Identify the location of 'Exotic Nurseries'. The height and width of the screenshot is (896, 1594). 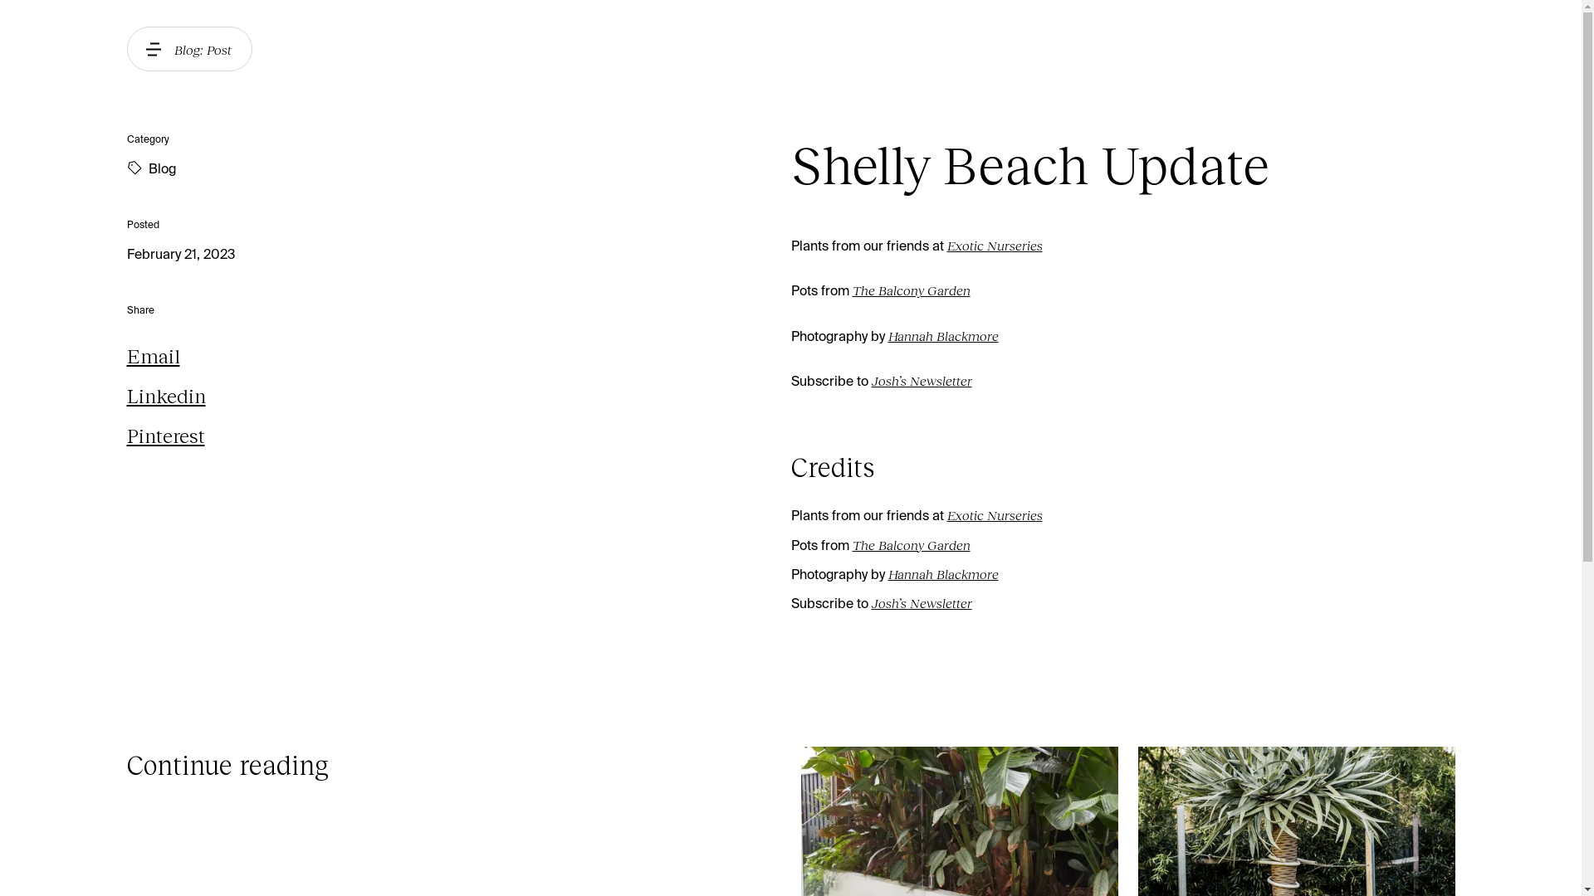
(946, 246).